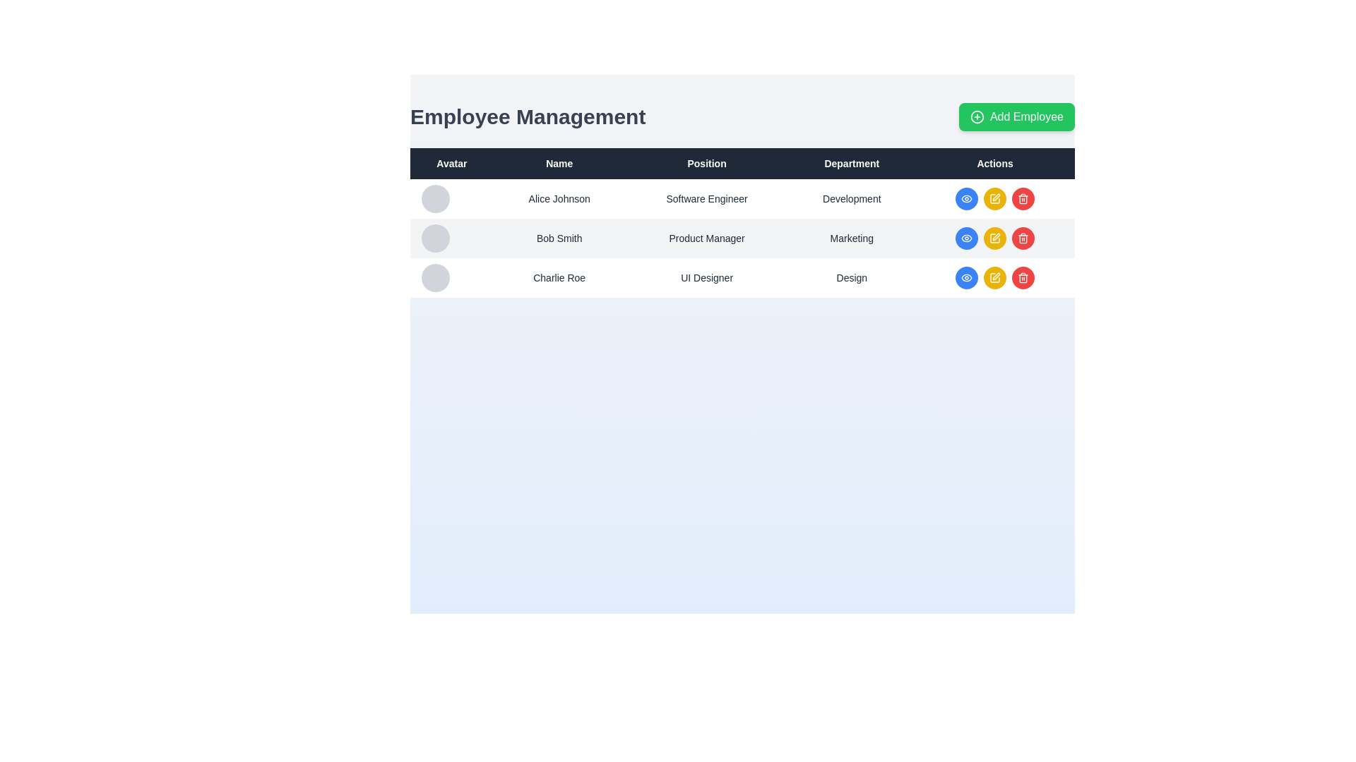 This screenshot has height=762, width=1356. What do you see at coordinates (742, 198) in the screenshot?
I see `the first employee data row` at bounding box center [742, 198].